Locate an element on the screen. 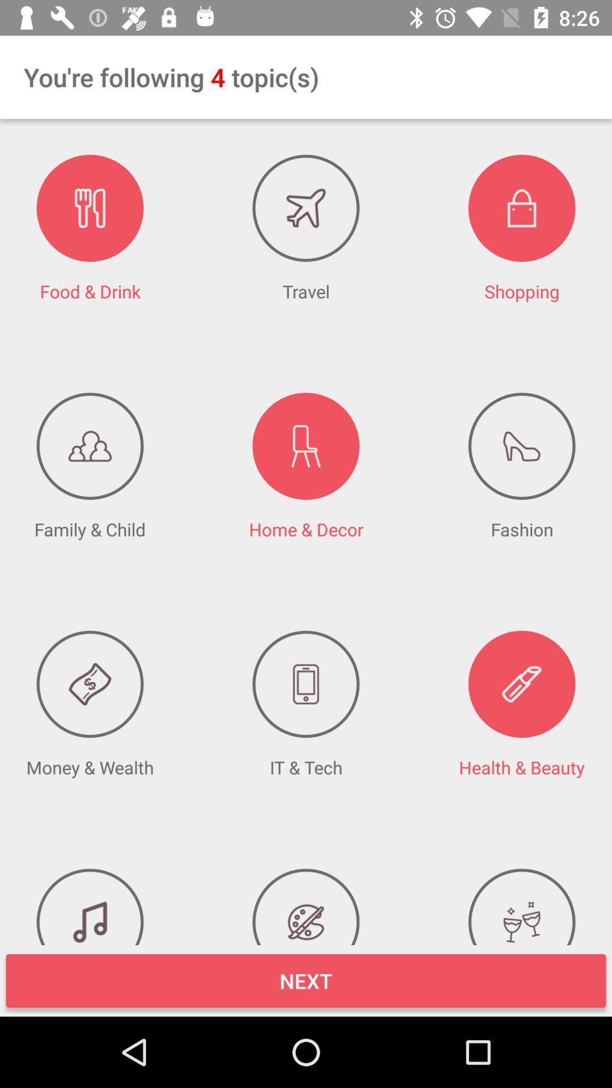  next is located at coordinates (306, 980).